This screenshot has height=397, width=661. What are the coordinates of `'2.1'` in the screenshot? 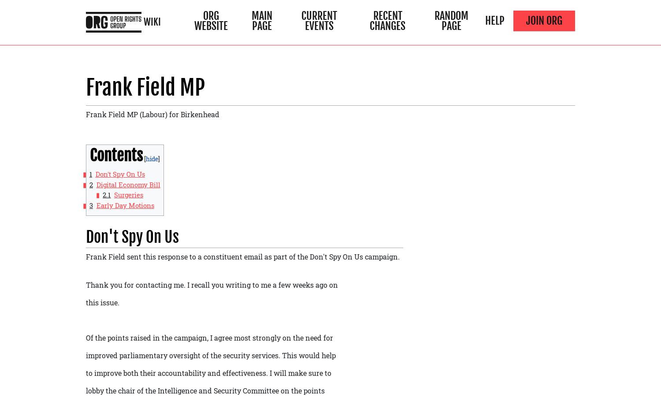 It's located at (106, 194).